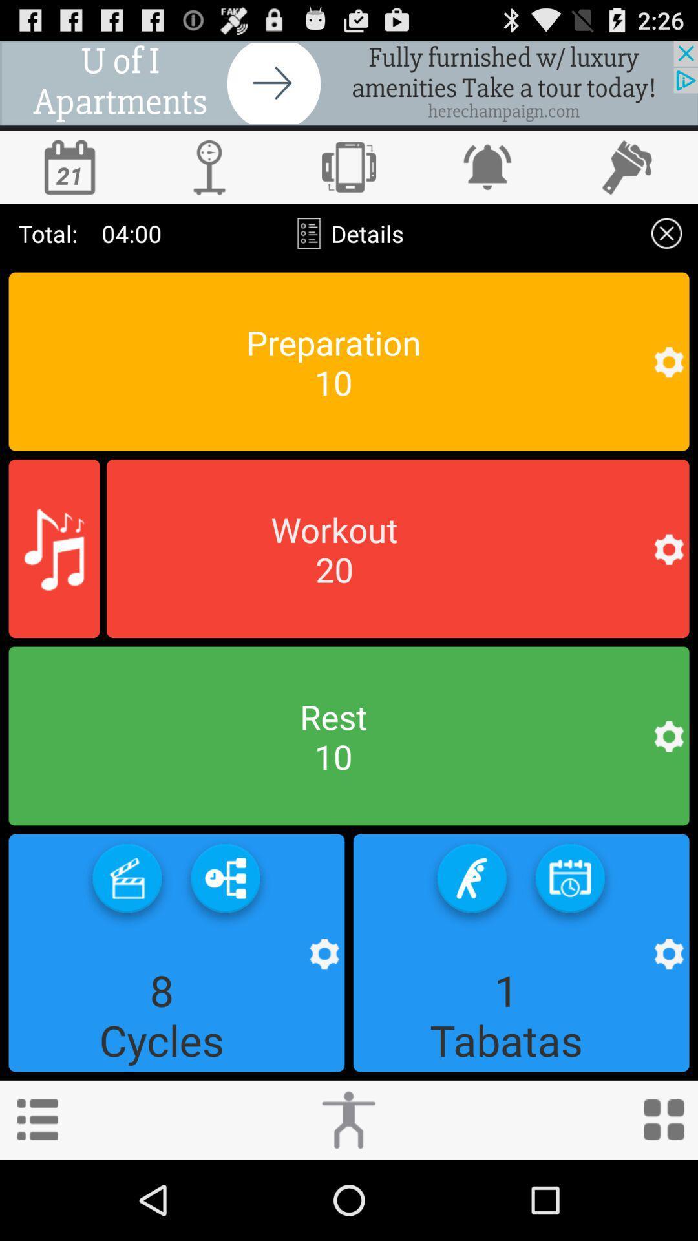 This screenshot has height=1241, width=698. What do you see at coordinates (569, 945) in the screenshot?
I see `the date_range icon` at bounding box center [569, 945].